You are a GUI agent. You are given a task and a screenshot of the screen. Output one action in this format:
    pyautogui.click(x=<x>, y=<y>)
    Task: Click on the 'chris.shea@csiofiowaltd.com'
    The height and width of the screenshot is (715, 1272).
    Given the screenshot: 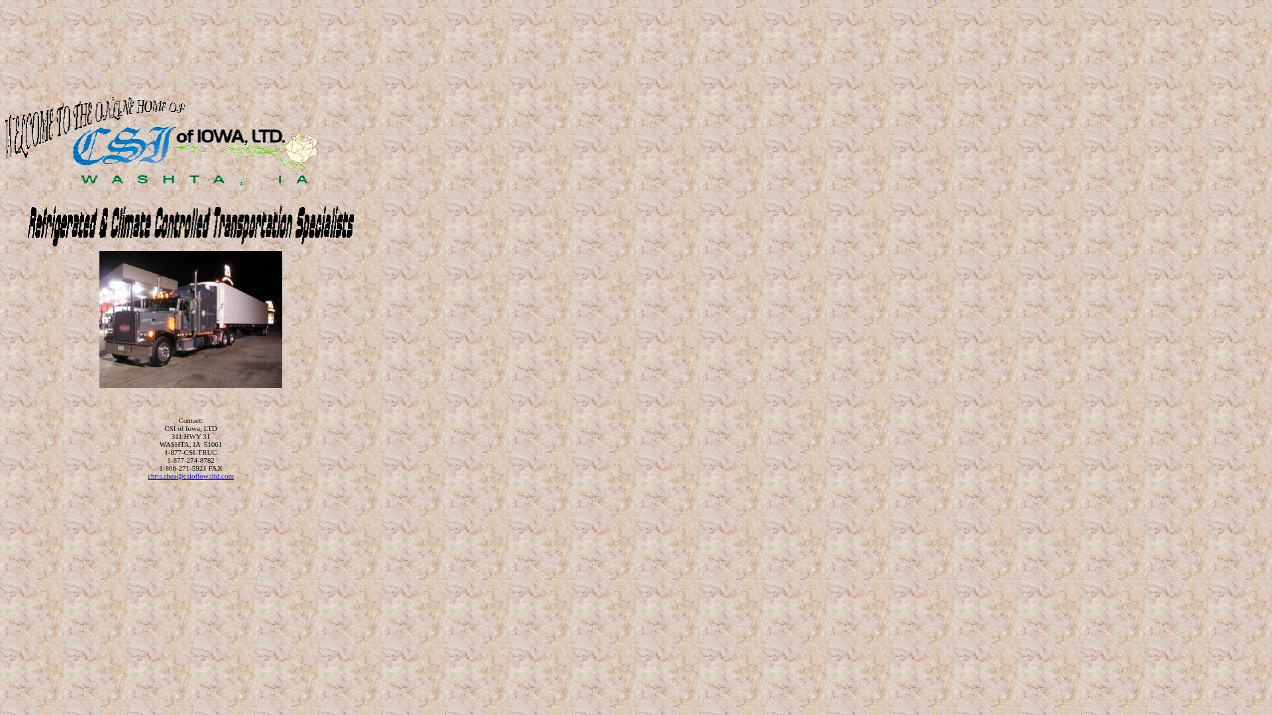 What is the action you would take?
    pyautogui.click(x=190, y=475)
    